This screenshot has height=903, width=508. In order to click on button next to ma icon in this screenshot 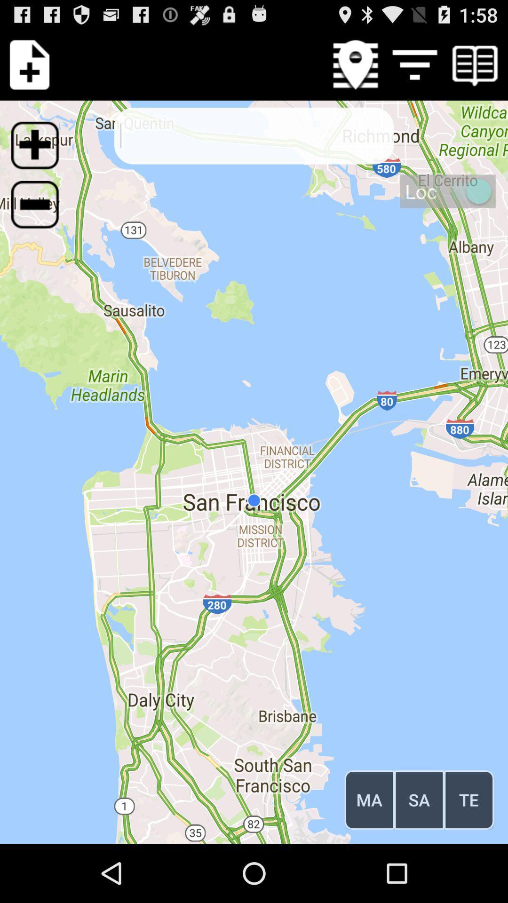, I will do `click(419, 799)`.